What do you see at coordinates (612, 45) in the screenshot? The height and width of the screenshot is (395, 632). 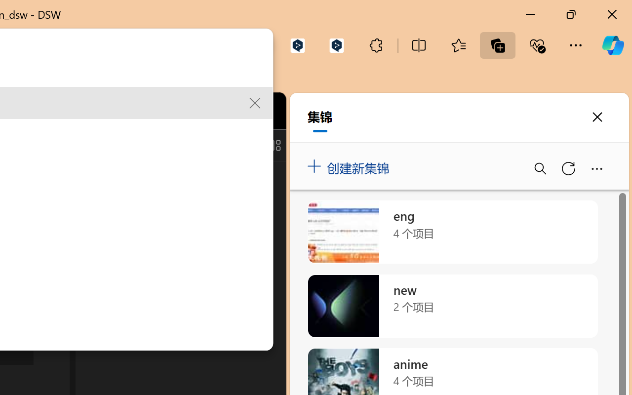 I see `'Copilot (Ctrl+Shift+.)'` at bounding box center [612, 45].